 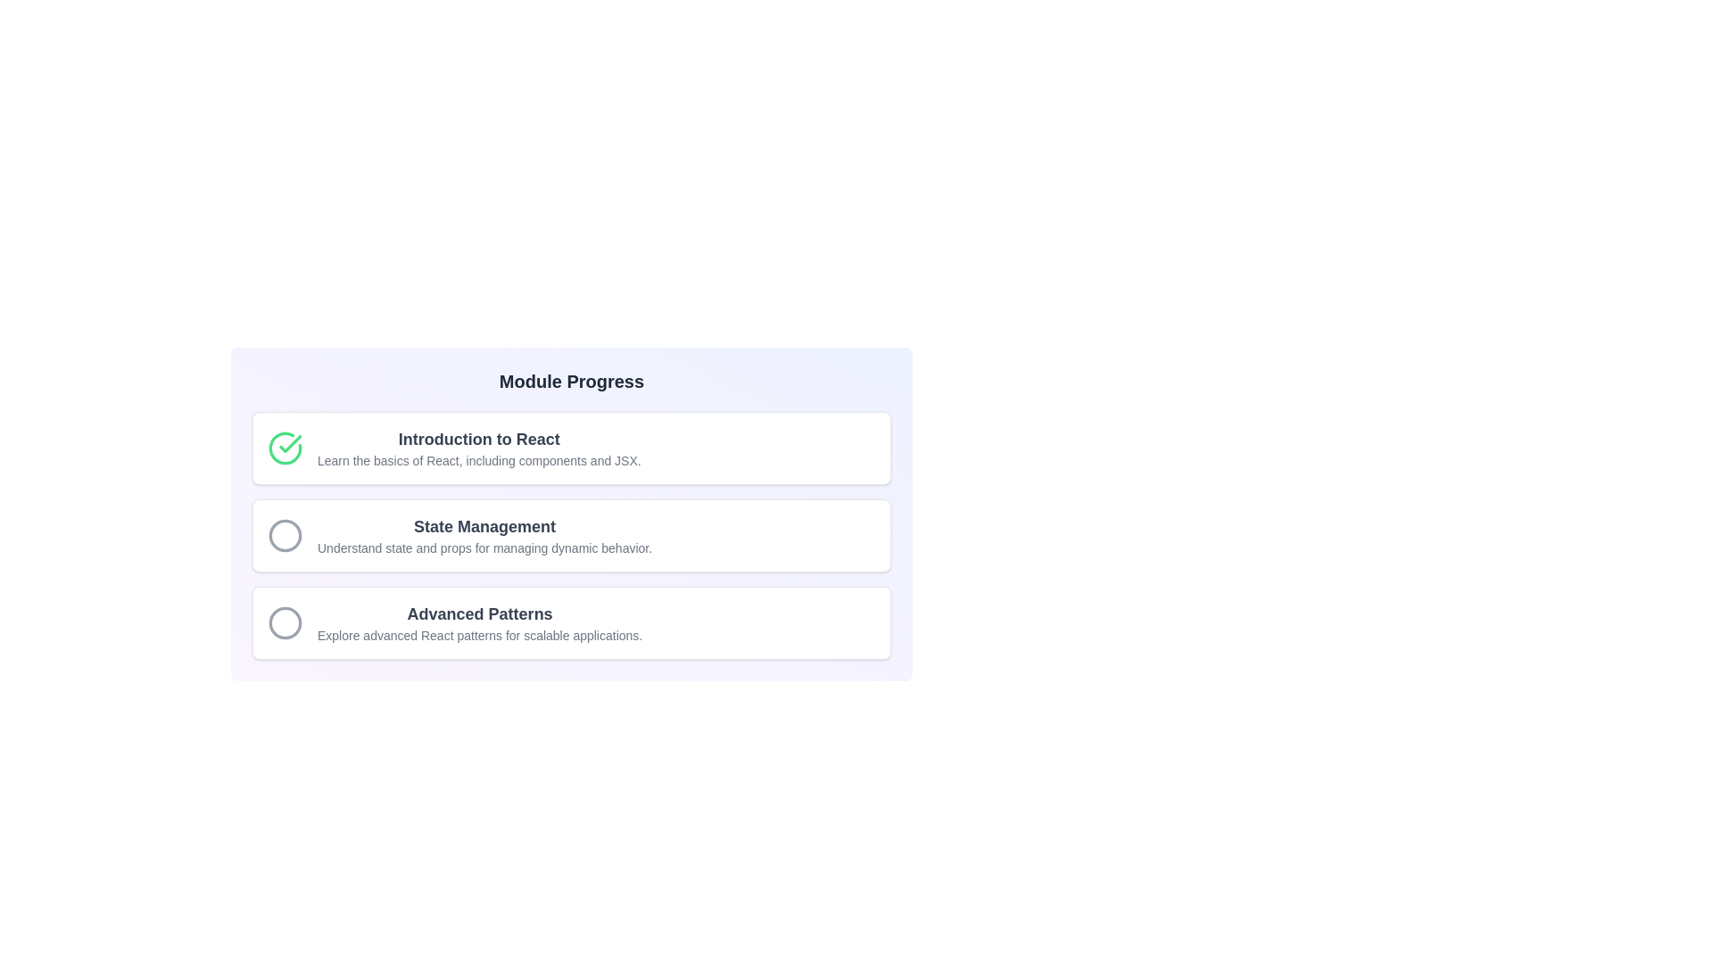 What do you see at coordinates (285, 447) in the screenshot?
I see `the Indicator icon that signifies the completion status of the 'Introduction to React' module, located at the left end of the first row in the course progress items` at bounding box center [285, 447].